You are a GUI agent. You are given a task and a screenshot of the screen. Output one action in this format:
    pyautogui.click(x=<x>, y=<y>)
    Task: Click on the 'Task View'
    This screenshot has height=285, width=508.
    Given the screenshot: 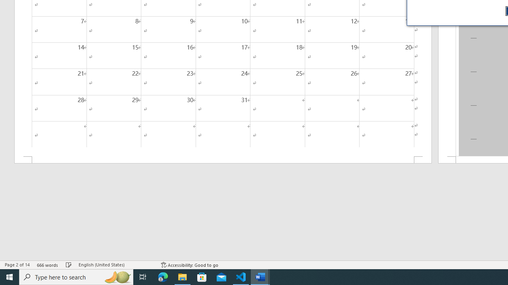 What is the action you would take?
    pyautogui.click(x=142, y=276)
    